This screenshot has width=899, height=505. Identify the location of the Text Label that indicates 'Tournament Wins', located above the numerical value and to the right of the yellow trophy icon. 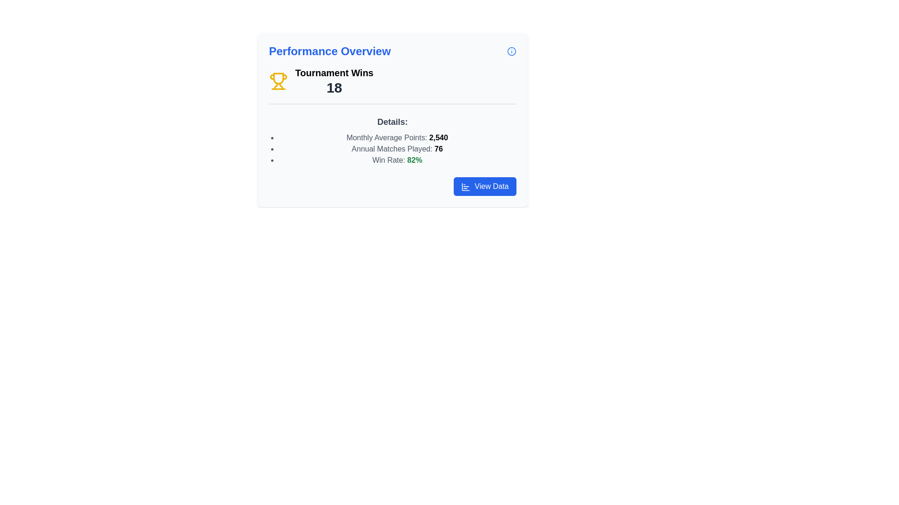
(334, 72).